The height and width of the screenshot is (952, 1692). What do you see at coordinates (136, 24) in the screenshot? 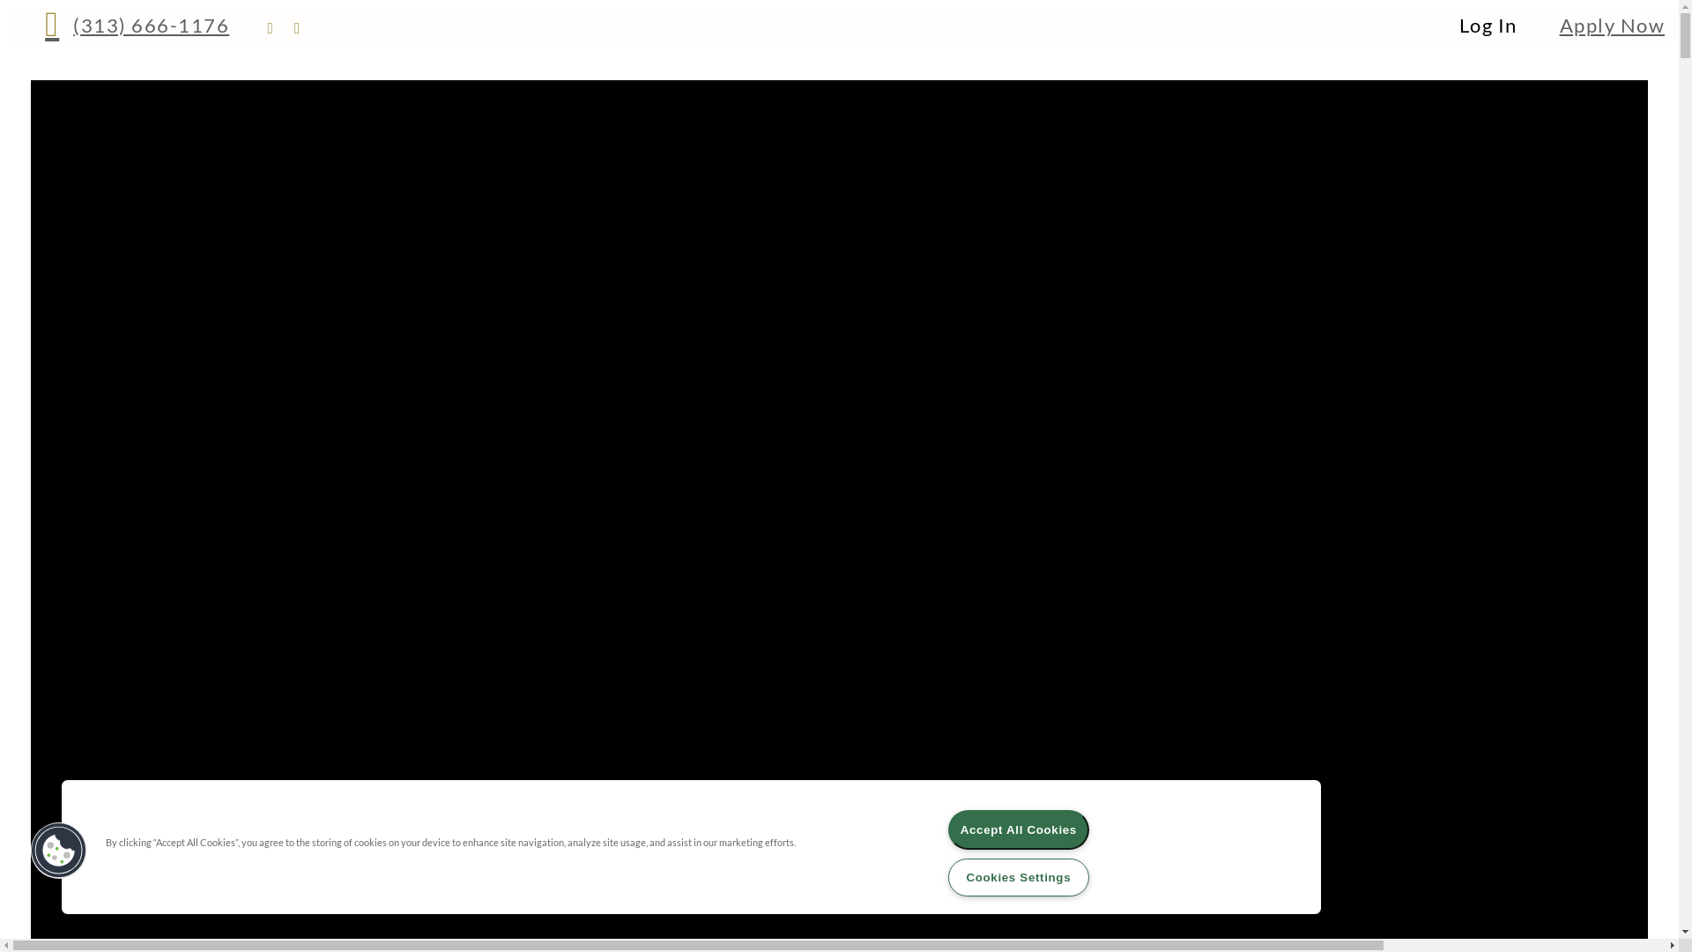
I see `'(313) 666-1176'` at bounding box center [136, 24].